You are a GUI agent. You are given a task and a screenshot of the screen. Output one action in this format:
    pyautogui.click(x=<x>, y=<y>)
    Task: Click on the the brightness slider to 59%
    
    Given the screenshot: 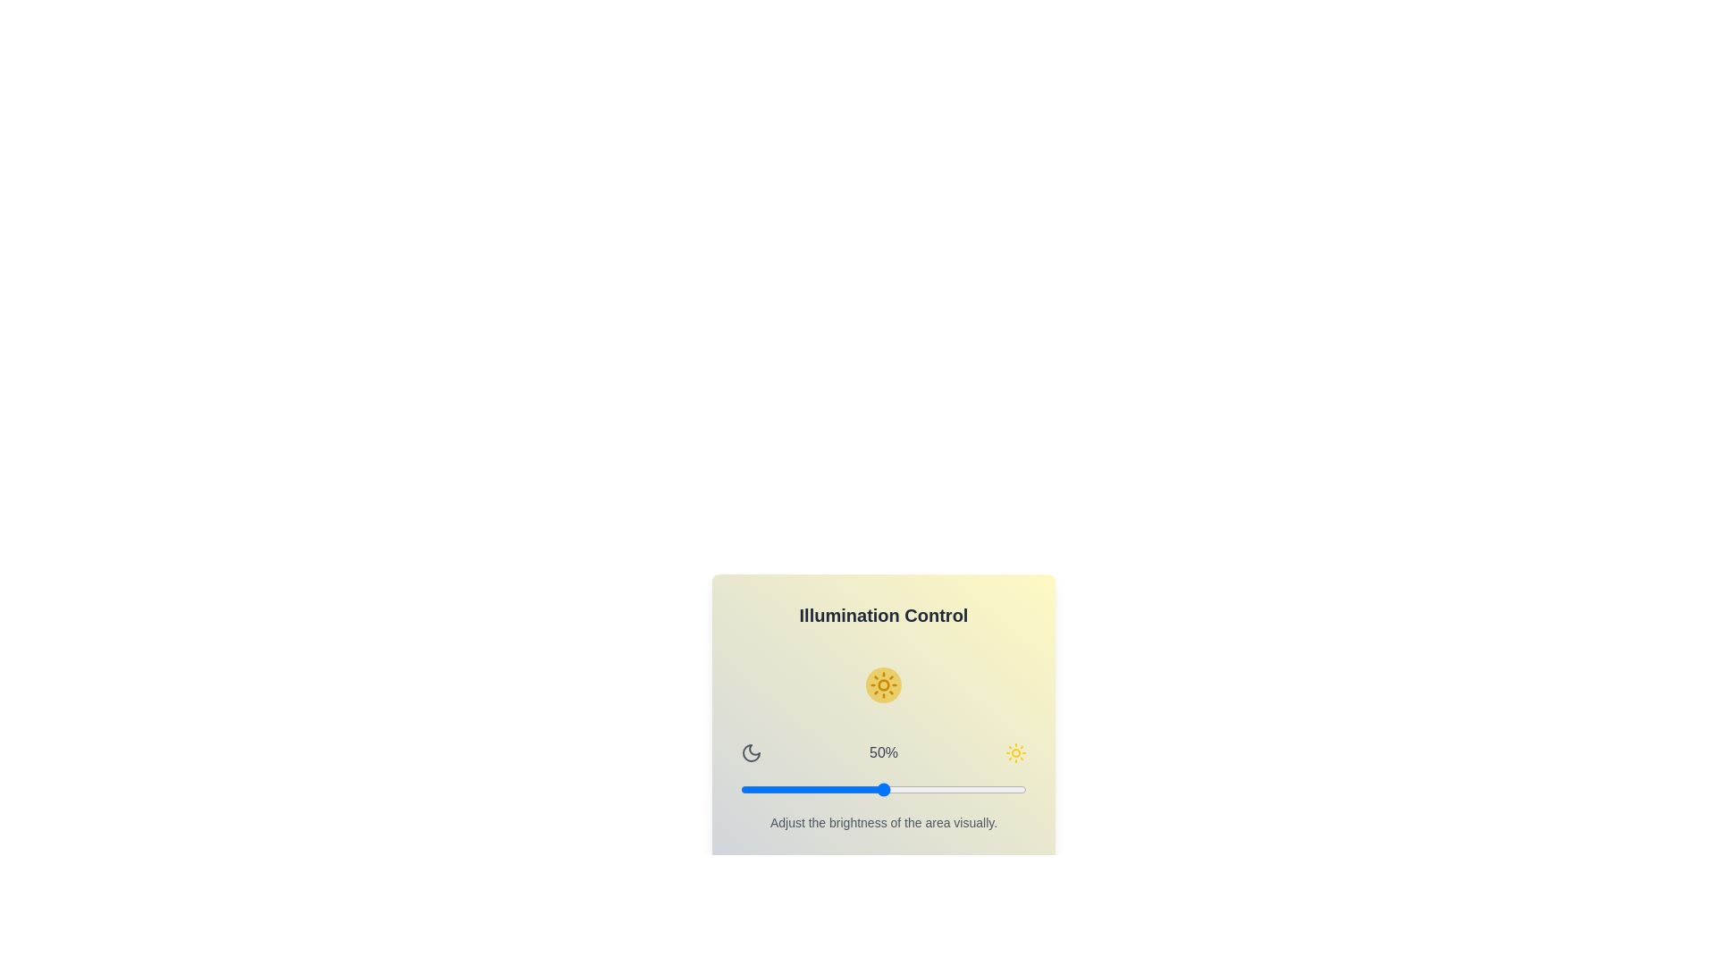 What is the action you would take?
    pyautogui.click(x=909, y=788)
    